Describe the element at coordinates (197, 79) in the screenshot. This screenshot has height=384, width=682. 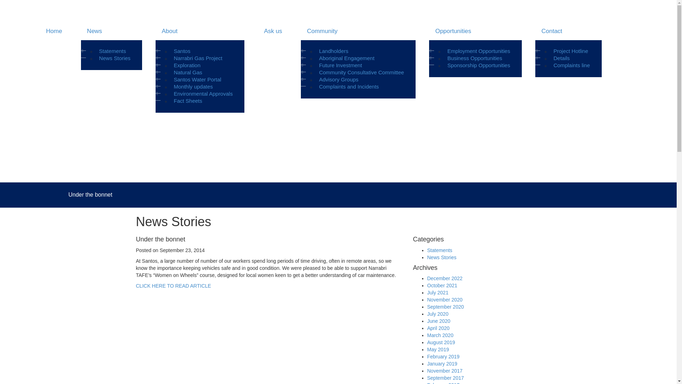
I see `'Santos Water Portal'` at that location.